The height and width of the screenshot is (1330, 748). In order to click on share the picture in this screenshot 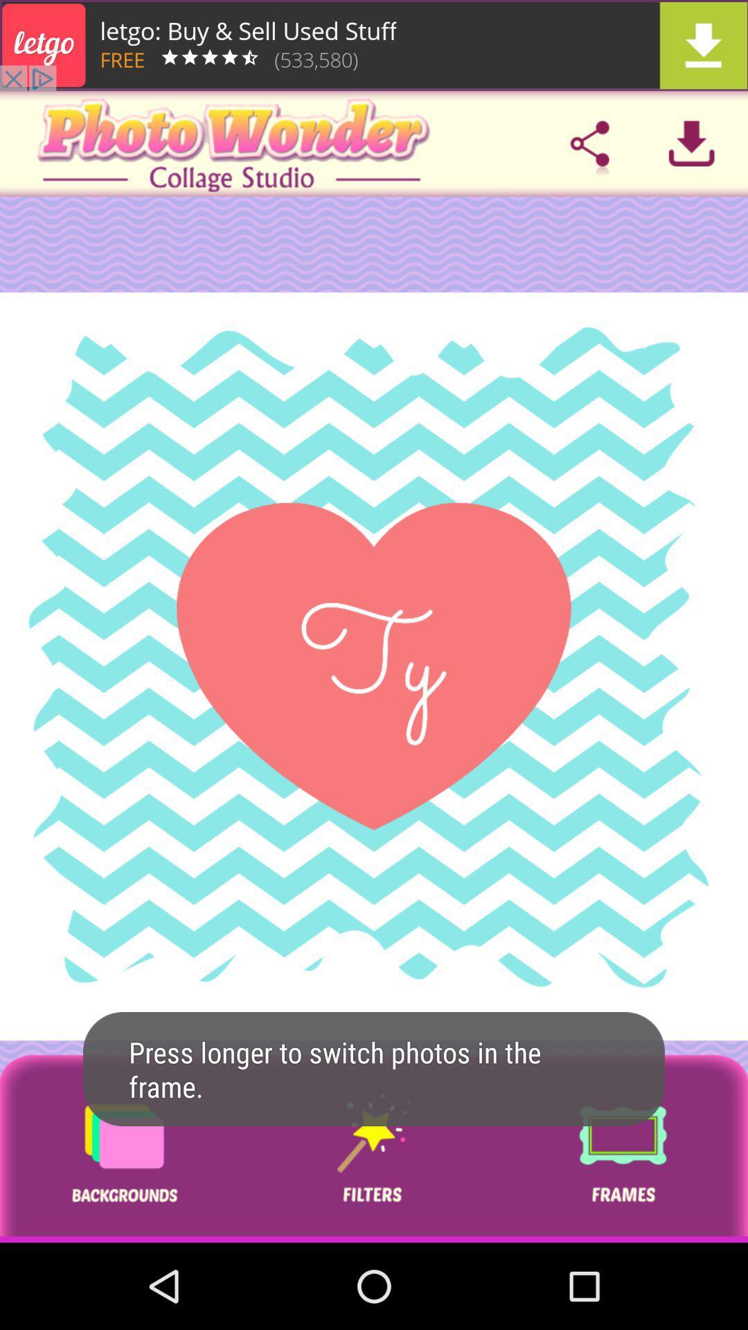, I will do `click(589, 143)`.